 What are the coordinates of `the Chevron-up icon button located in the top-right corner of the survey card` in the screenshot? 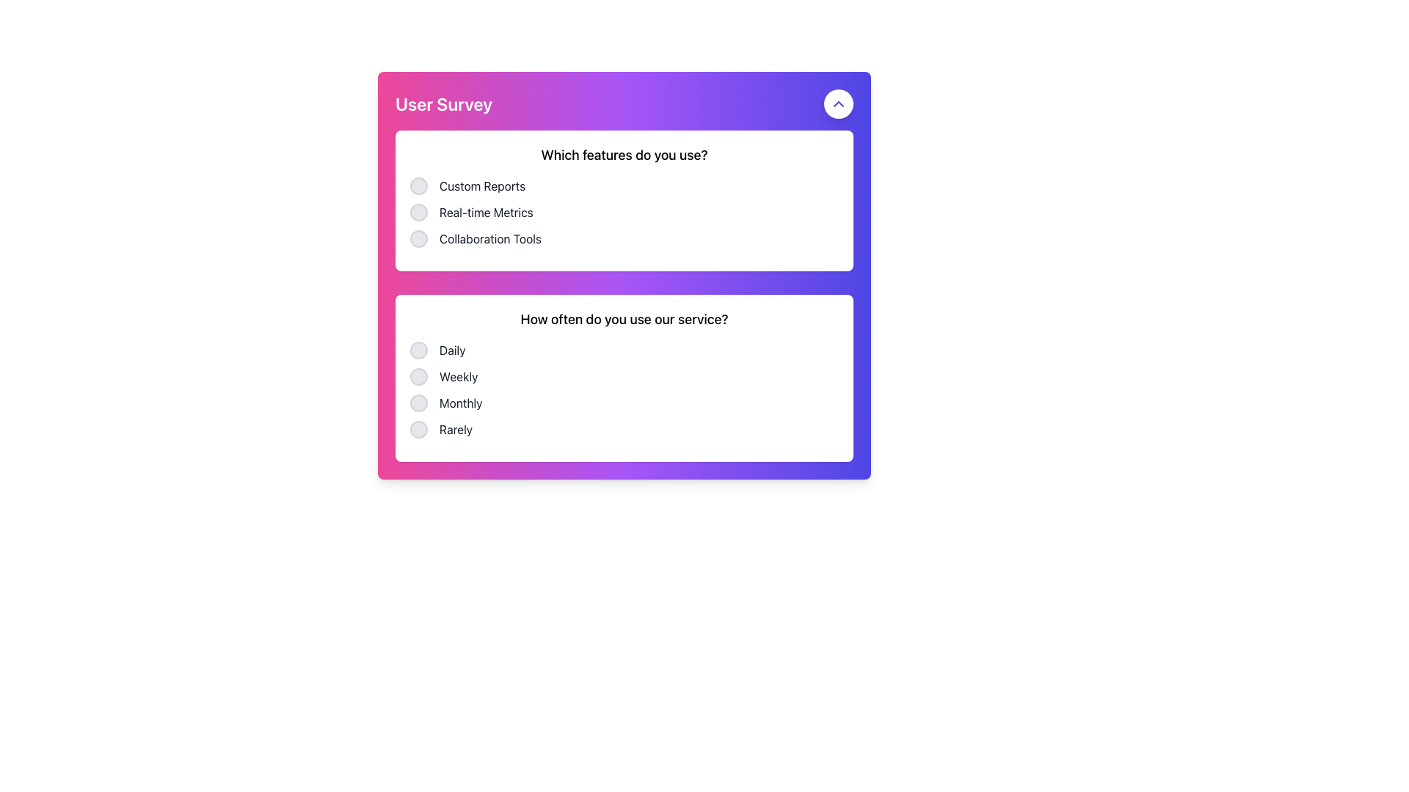 It's located at (838, 103).